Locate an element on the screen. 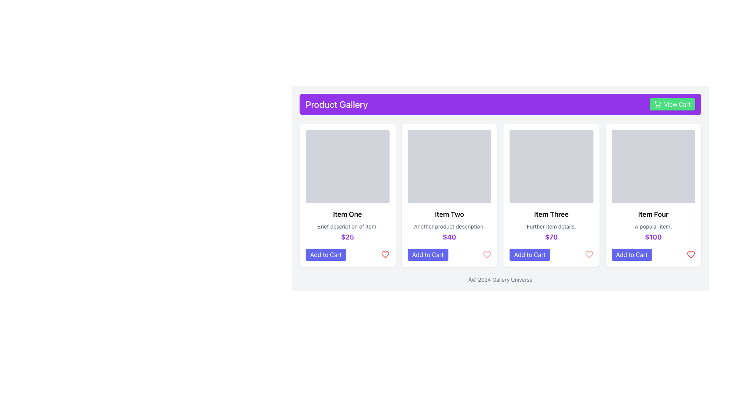 This screenshot has height=410, width=729. the Image Placeholder located at the top of the card for 'Item One', which serves as a product image holder is located at coordinates (347, 166).